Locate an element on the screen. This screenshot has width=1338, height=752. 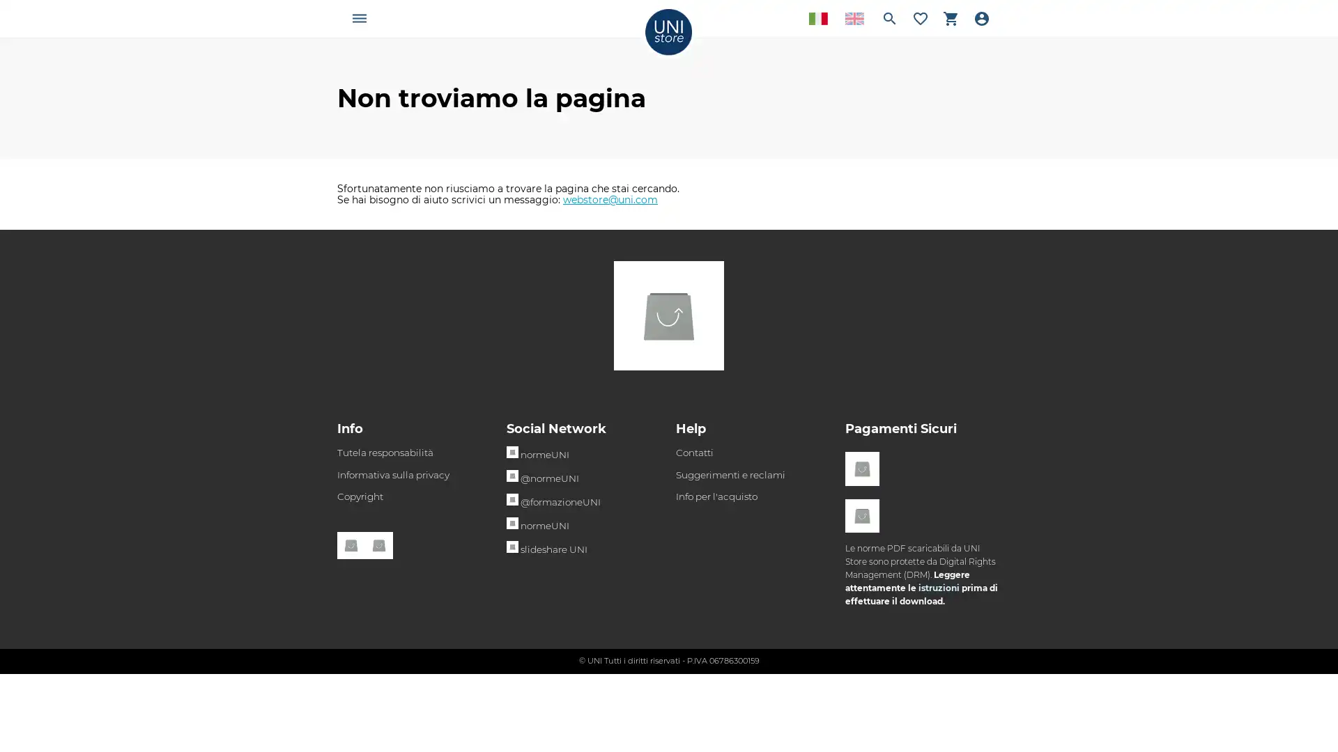
account_circle is located at coordinates (981, 19).